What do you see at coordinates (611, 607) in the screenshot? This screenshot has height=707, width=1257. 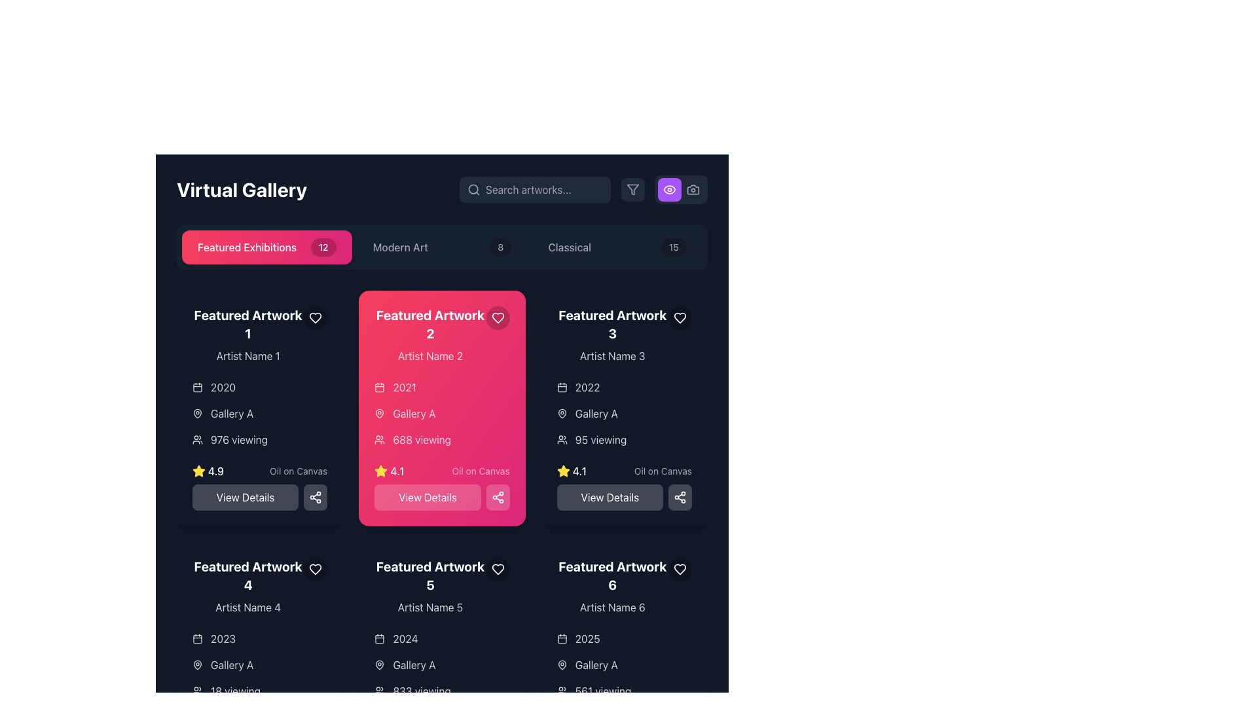 I see `the label that displays the name of the artist associated with the artwork in the card labeled 'Featured Artwork 6', located in the third column of the second row` at bounding box center [611, 607].